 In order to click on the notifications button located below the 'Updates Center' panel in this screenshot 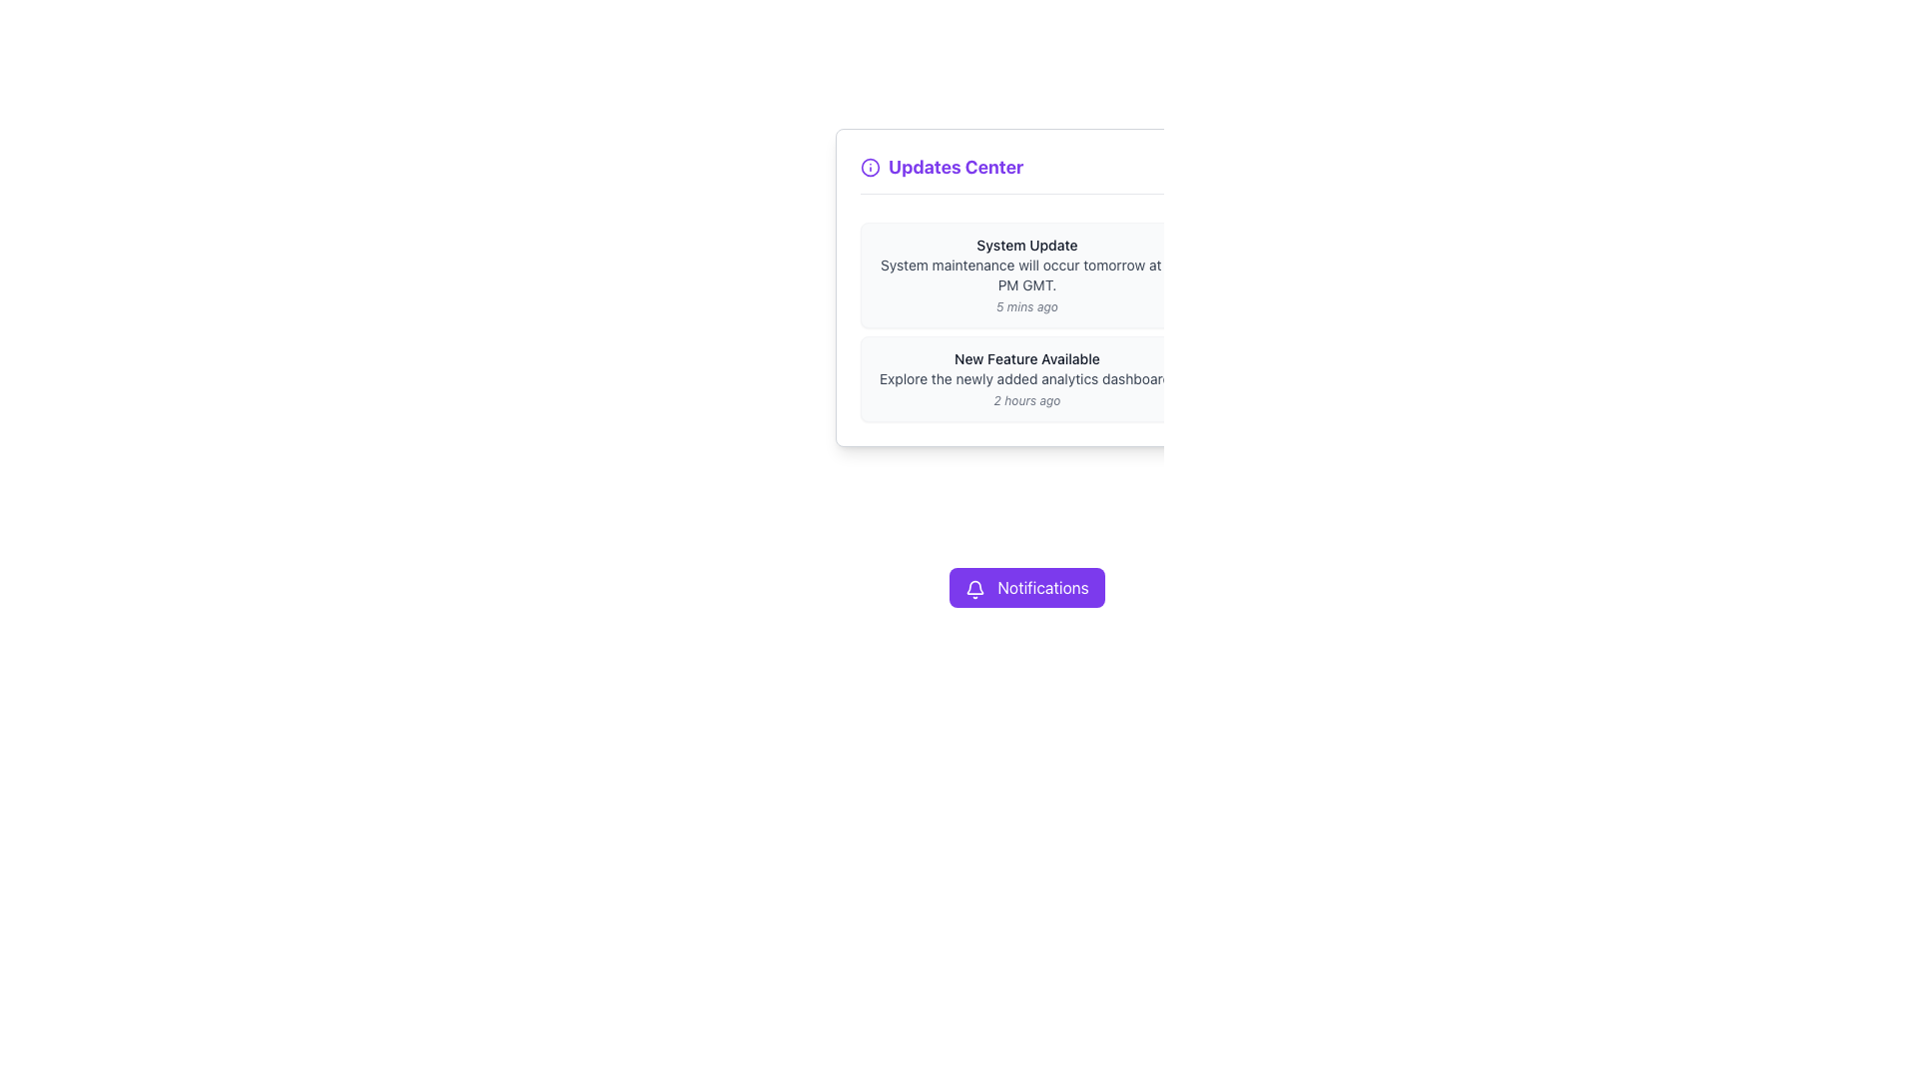, I will do `click(1025, 587)`.